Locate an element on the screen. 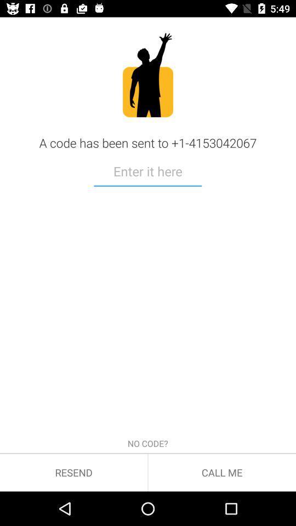 The height and width of the screenshot is (526, 296). the call me at the bottom right corner is located at coordinates (222, 472).